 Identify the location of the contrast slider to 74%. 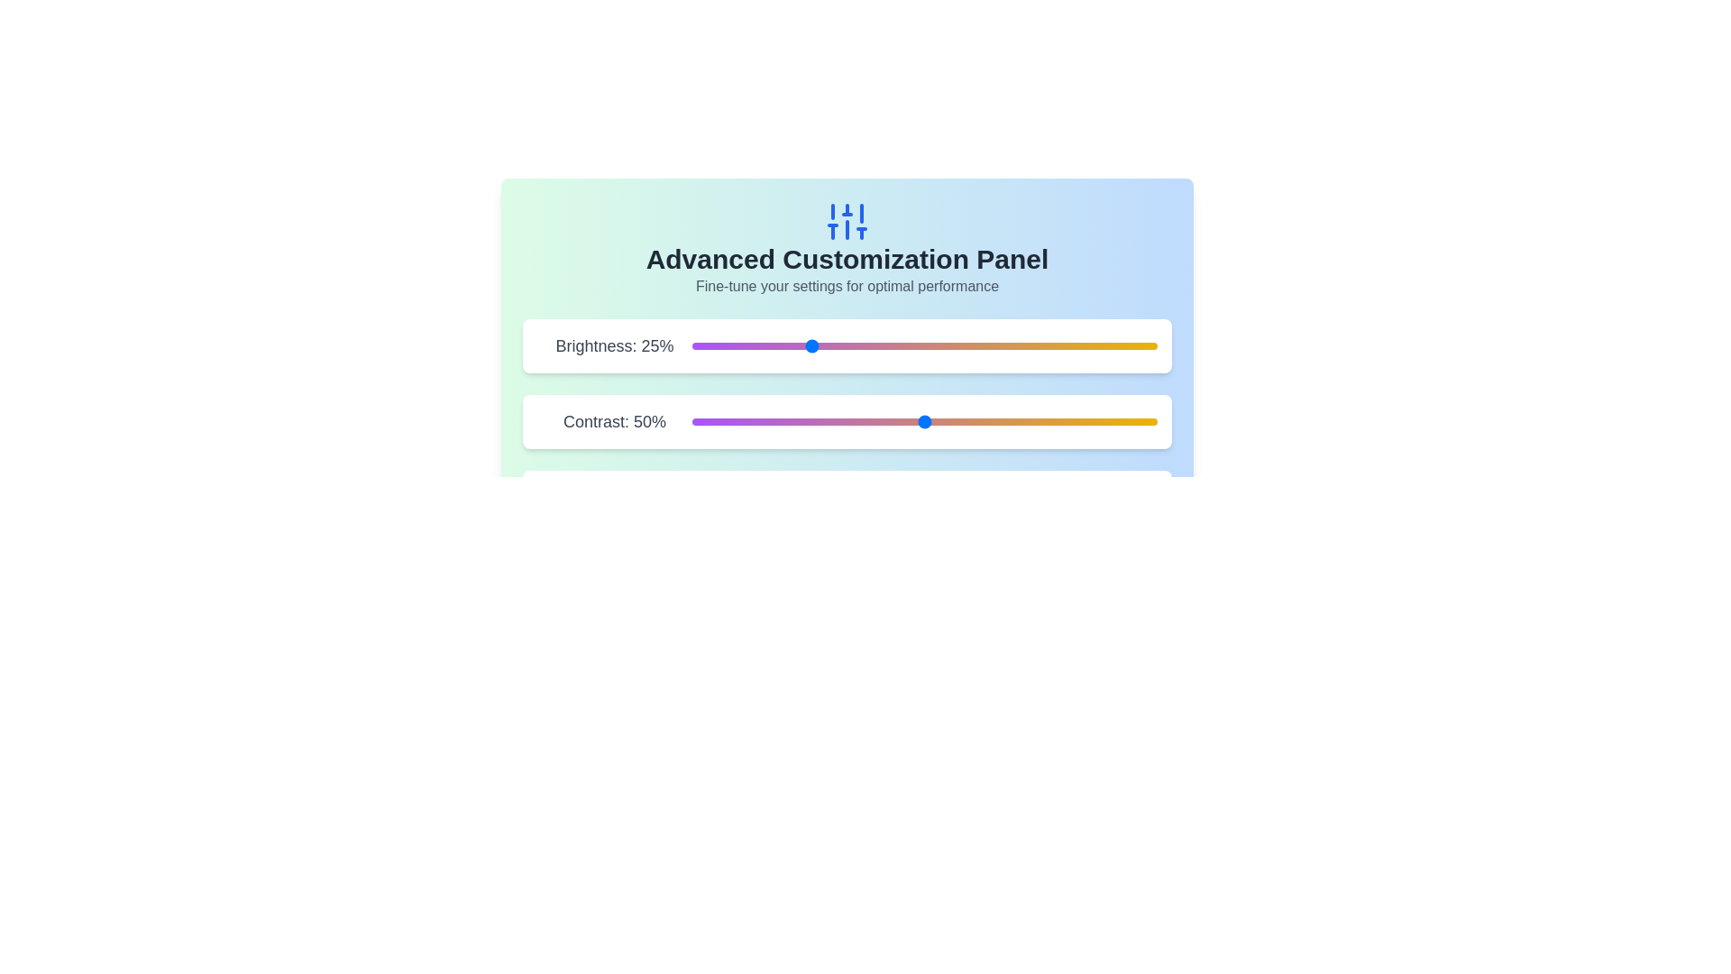
(1036, 421).